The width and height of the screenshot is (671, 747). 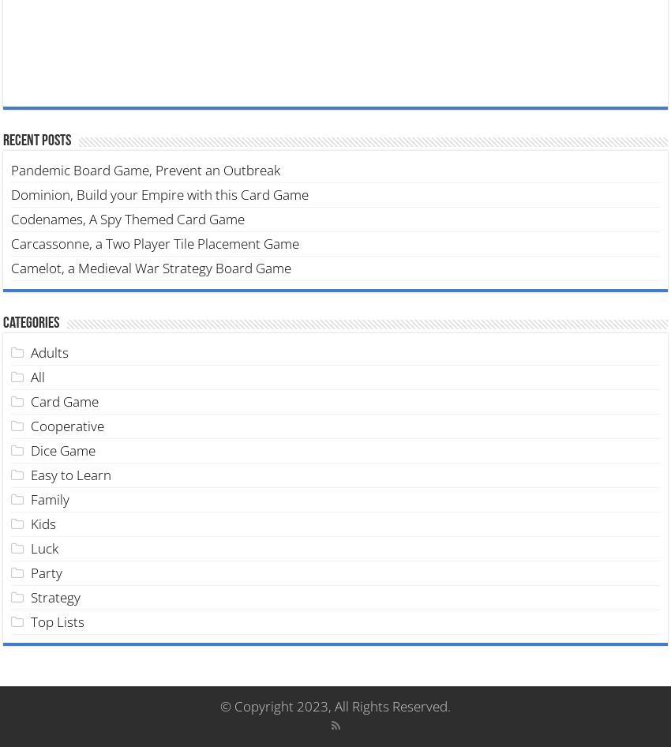 What do you see at coordinates (150, 267) in the screenshot?
I see `'Camelot, a Medieval War Strategy Board Game'` at bounding box center [150, 267].